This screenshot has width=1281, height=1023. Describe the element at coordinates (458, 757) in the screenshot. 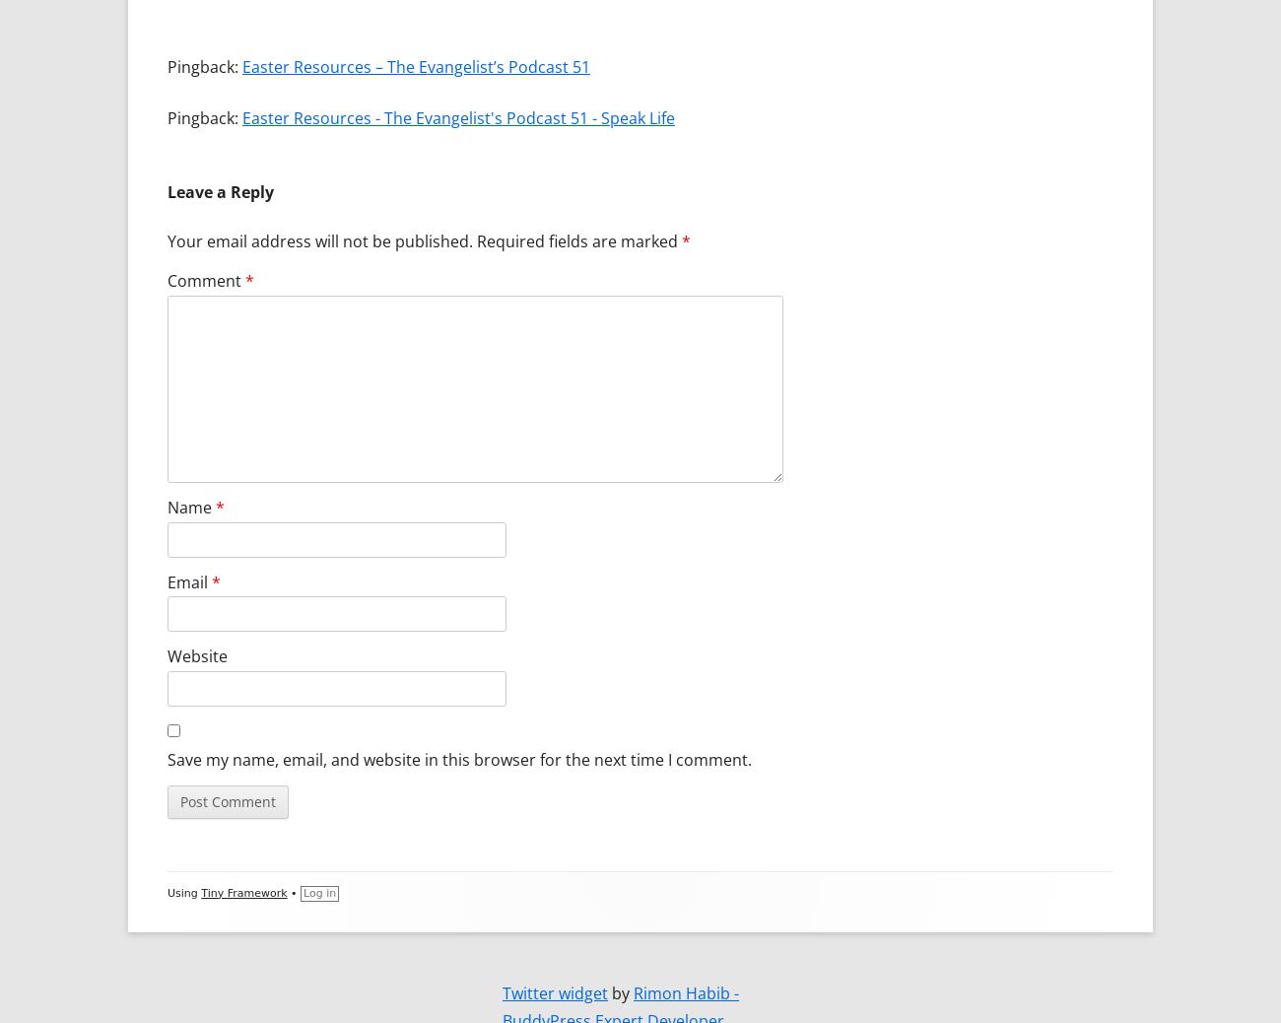

I see `'Save my name, email, and website in this browser for the next time I comment.'` at that location.